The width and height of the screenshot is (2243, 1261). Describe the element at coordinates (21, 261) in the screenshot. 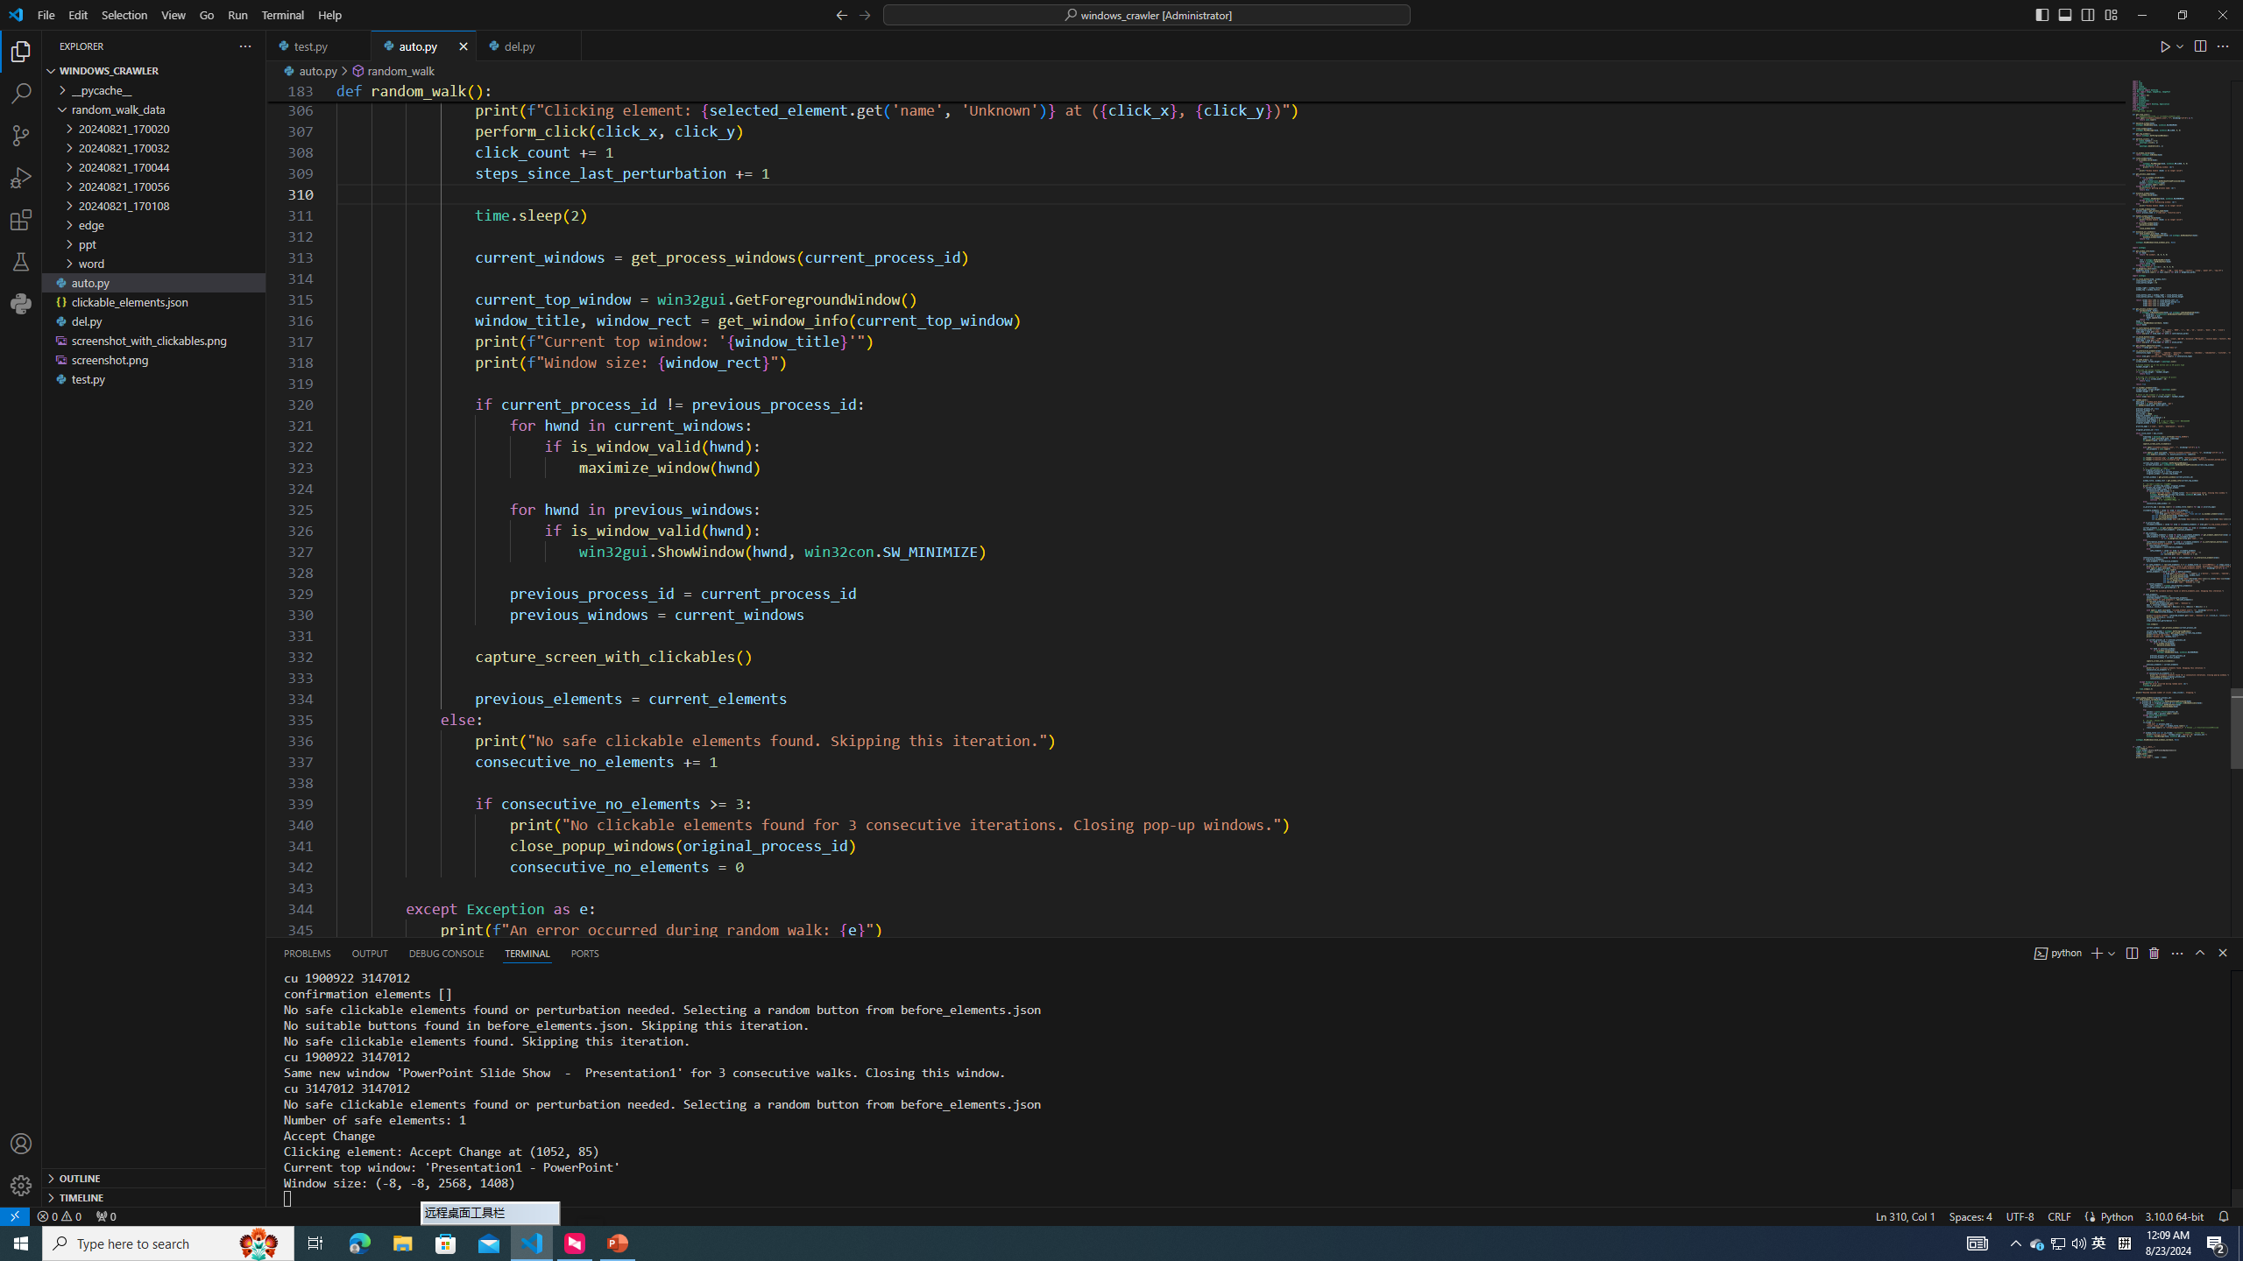

I see `'Testing'` at that location.